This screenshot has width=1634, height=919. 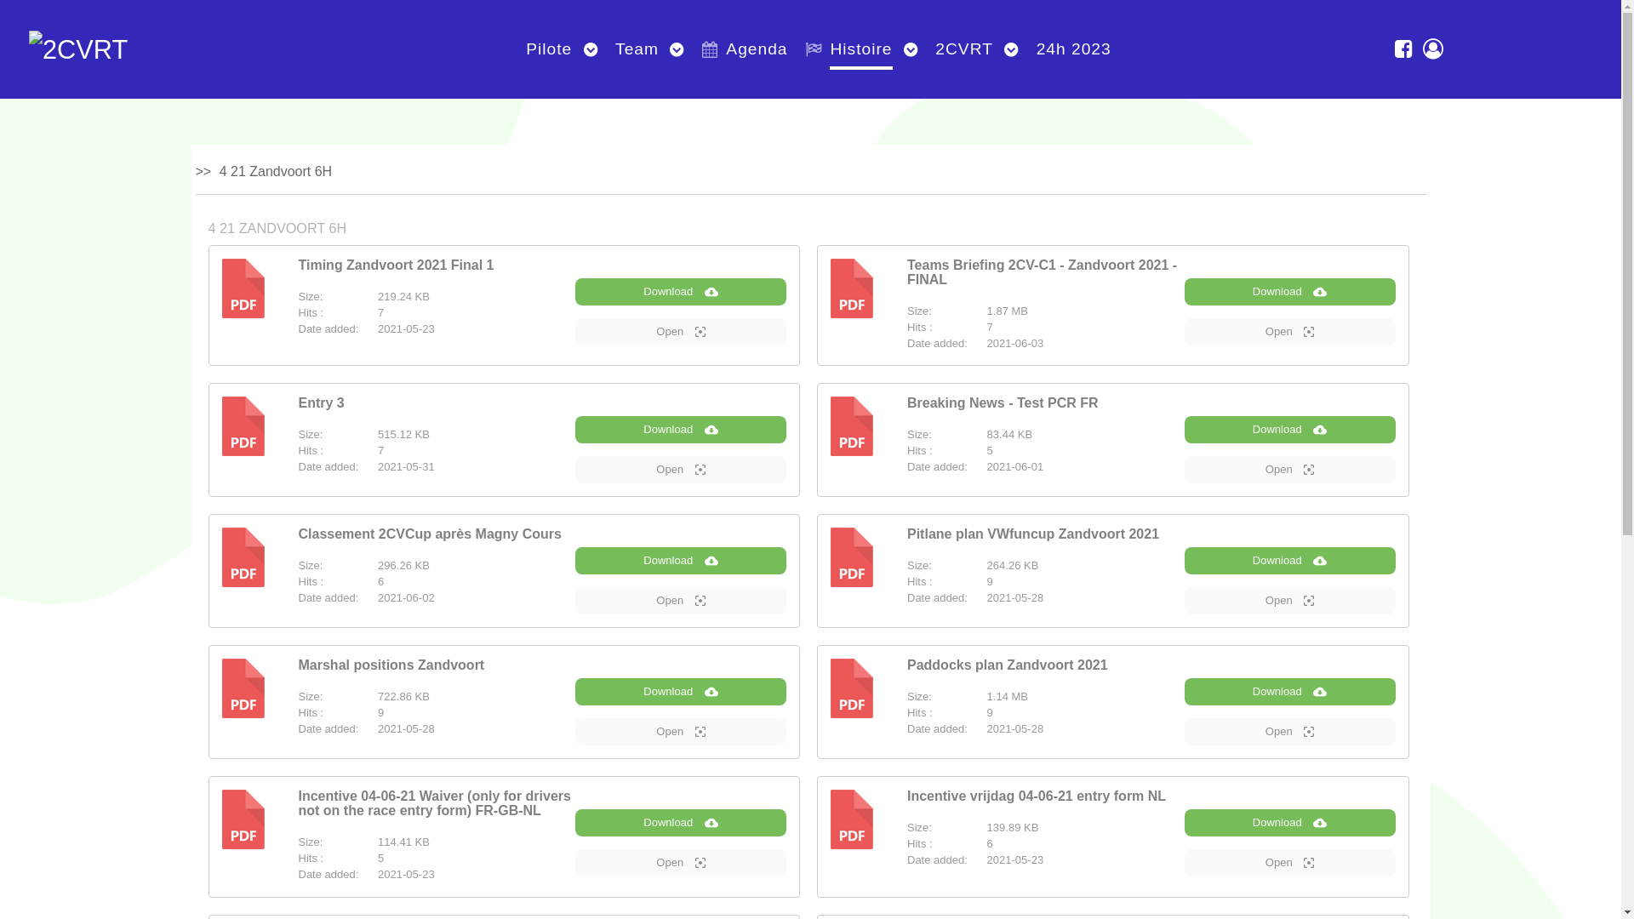 I want to click on 'Download', so click(x=575, y=561).